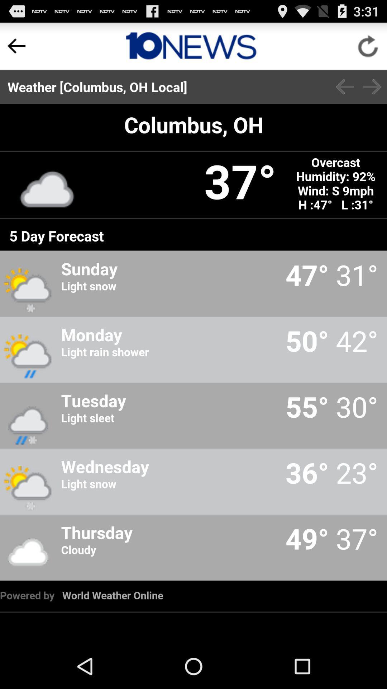  I want to click on the refresh icon, so click(368, 49).